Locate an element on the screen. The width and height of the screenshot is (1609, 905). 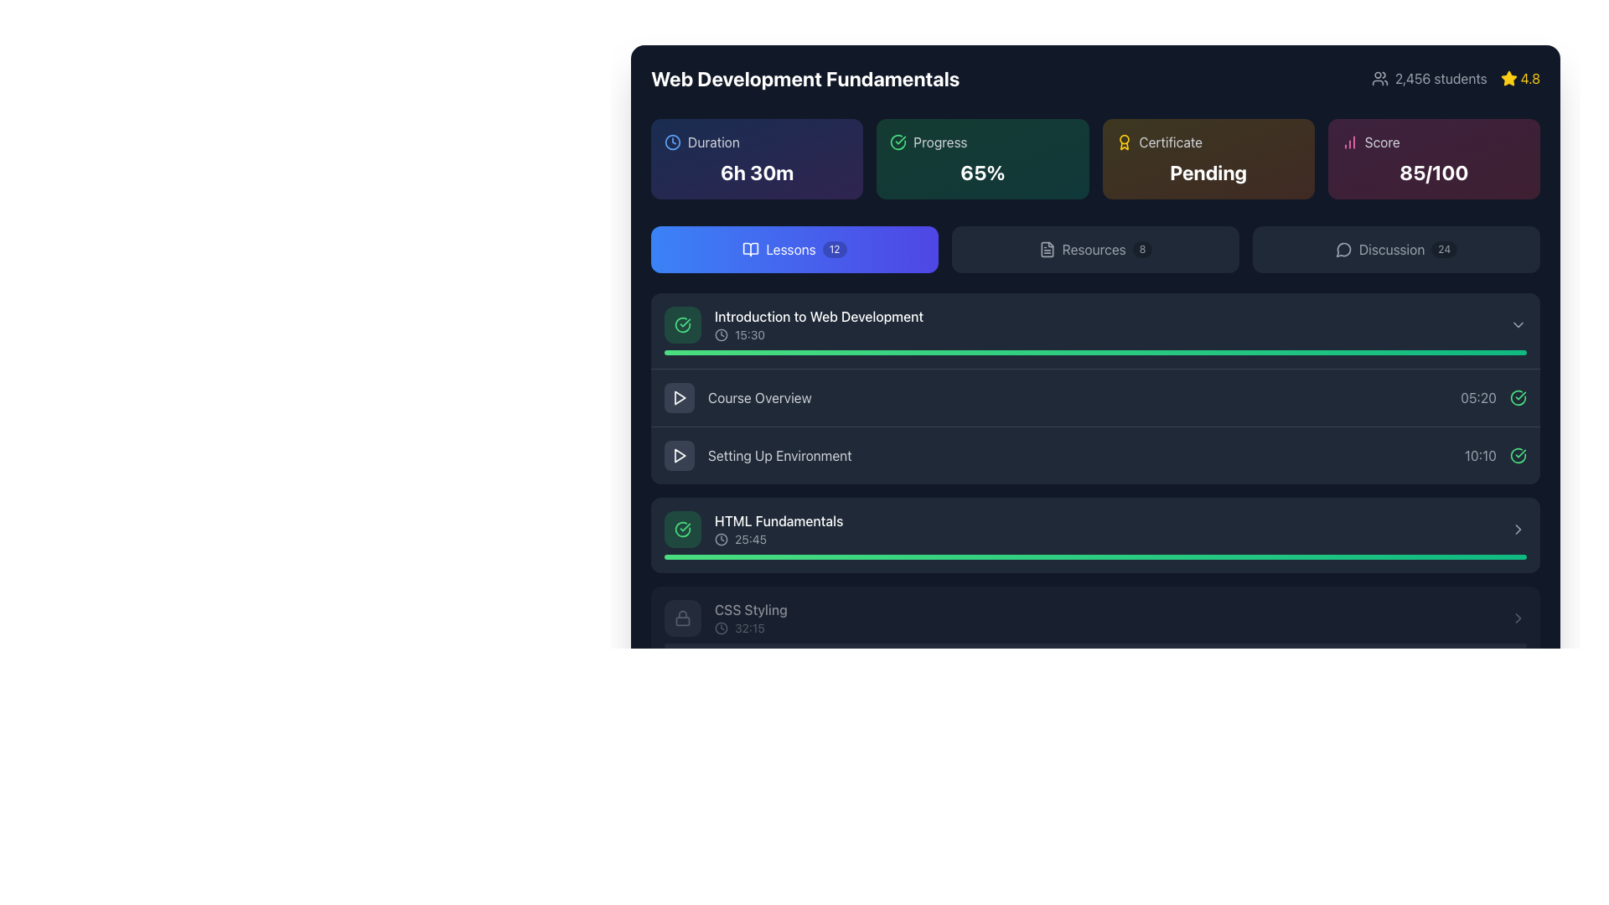
the 'HTML Fundamentals' button which is the fourth item in the course section list, located between 'Setting Up Environment' and 'CSS Styling' is located at coordinates (1095, 530).